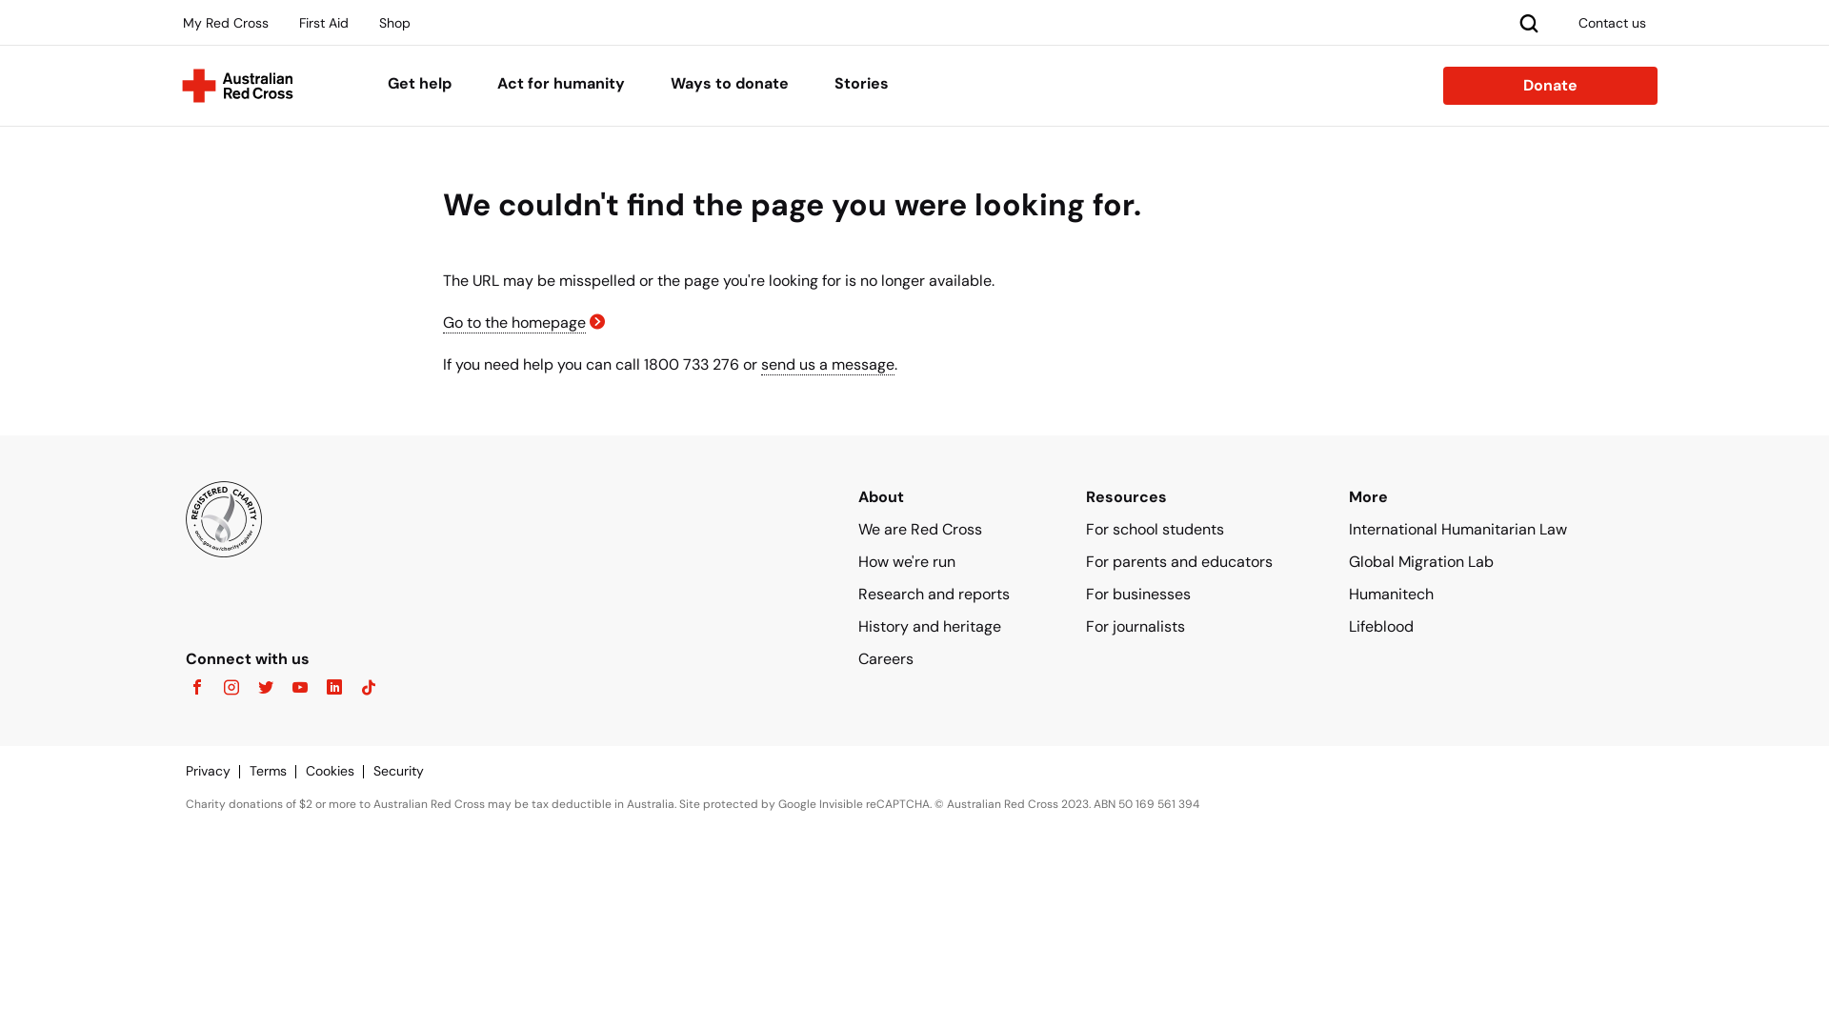  Describe the element at coordinates (1512, 22) in the screenshot. I see `'Search'` at that location.